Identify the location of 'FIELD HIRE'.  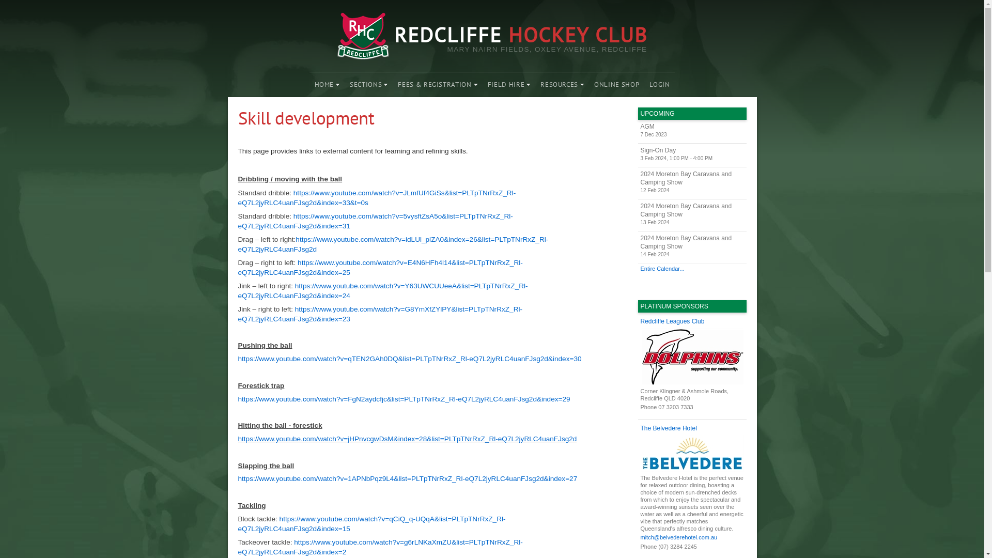
(509, 84).